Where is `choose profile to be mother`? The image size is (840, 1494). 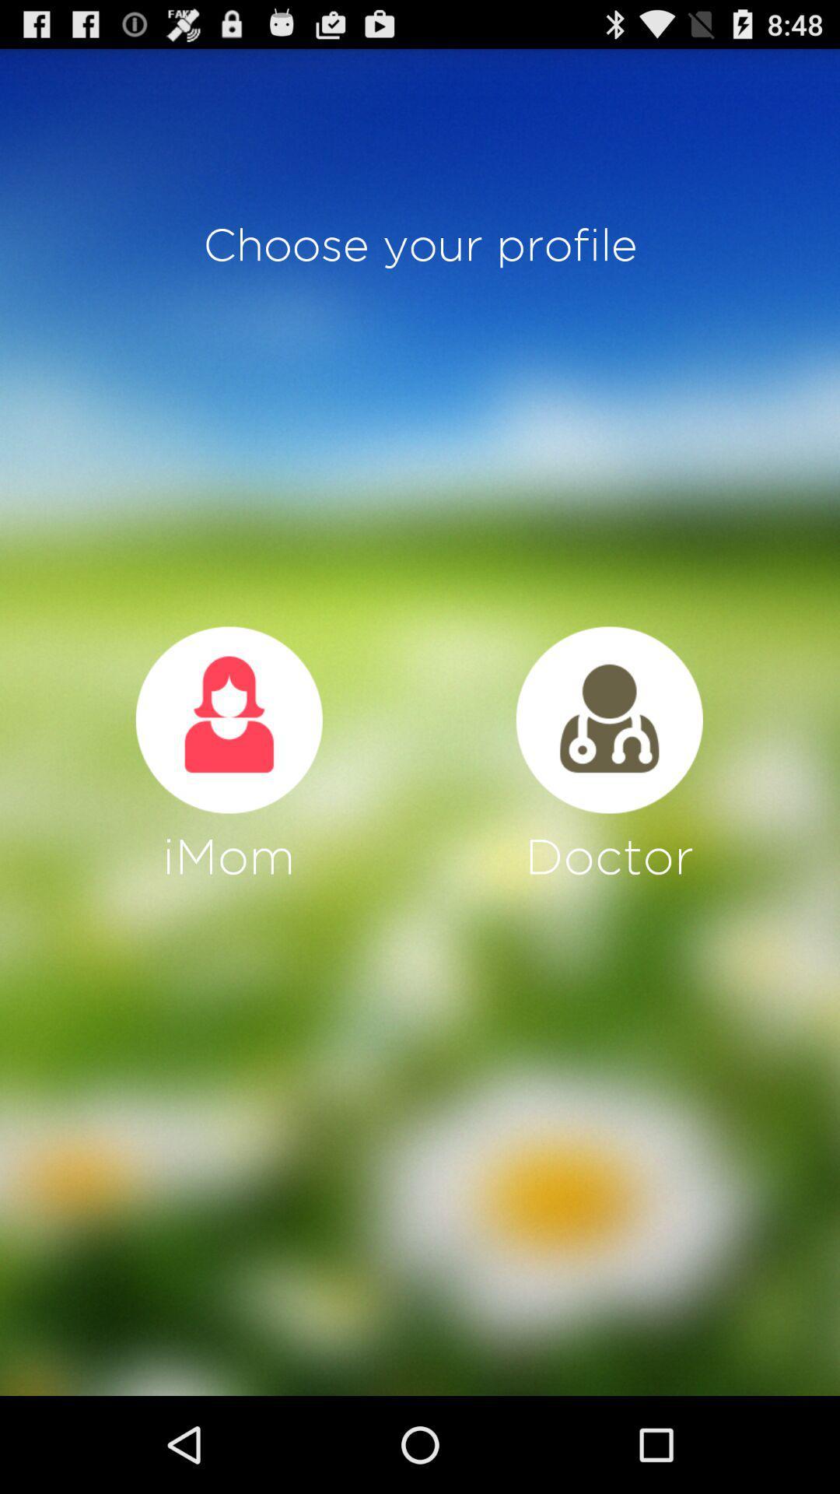 choose profile to be mother is located at coordinates (229, 719).